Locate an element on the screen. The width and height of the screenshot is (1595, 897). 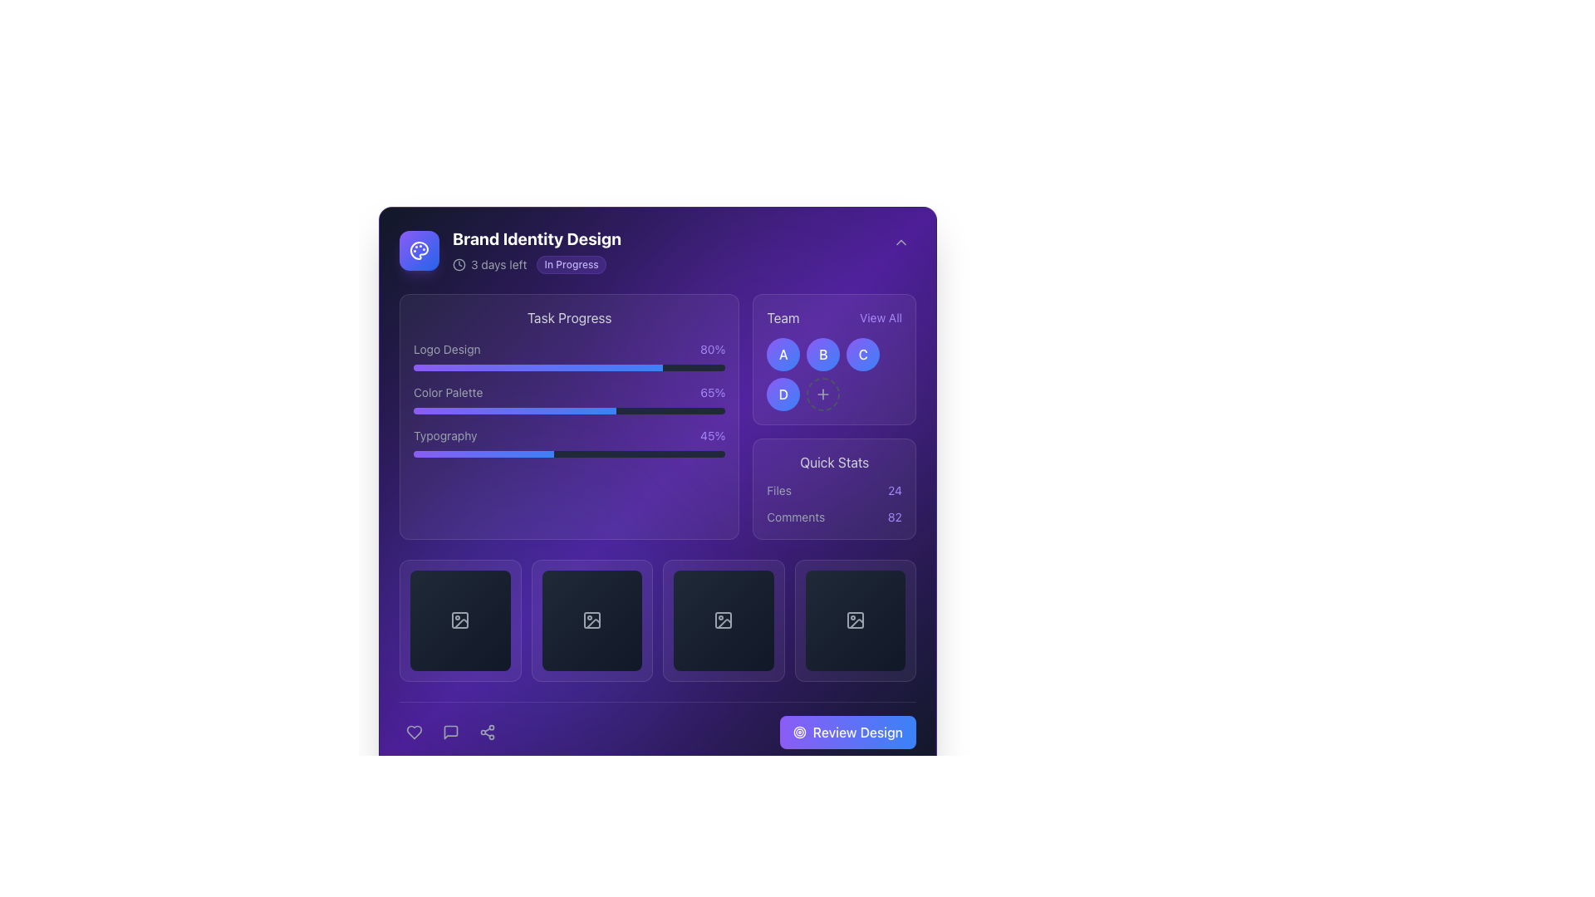
information displayed in the informational display block located at the top-left section of the UI, above the 'Task Progress' area is located at coordinates (509, 250).